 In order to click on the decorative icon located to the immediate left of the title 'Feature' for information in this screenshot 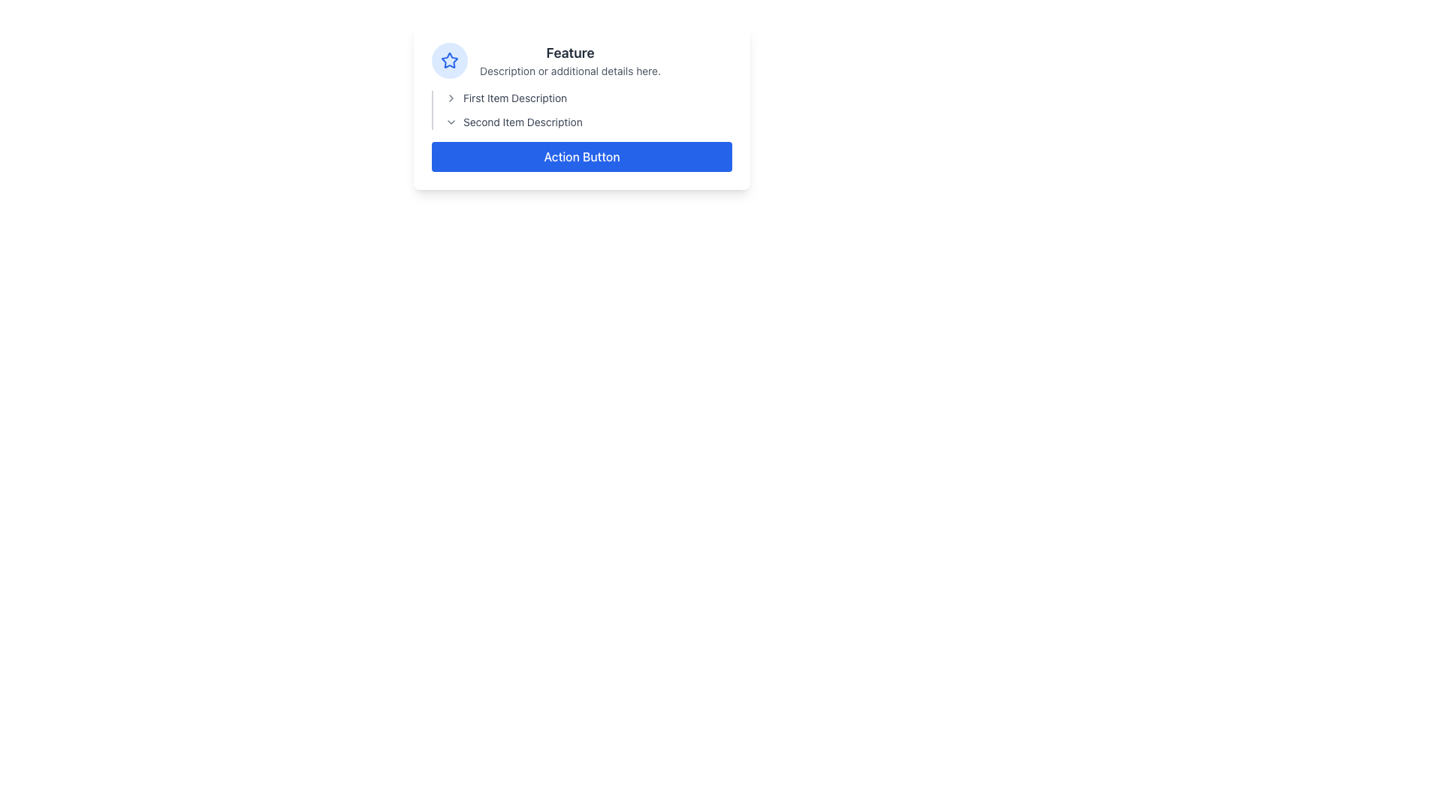, I will do `click(449, 60)`.